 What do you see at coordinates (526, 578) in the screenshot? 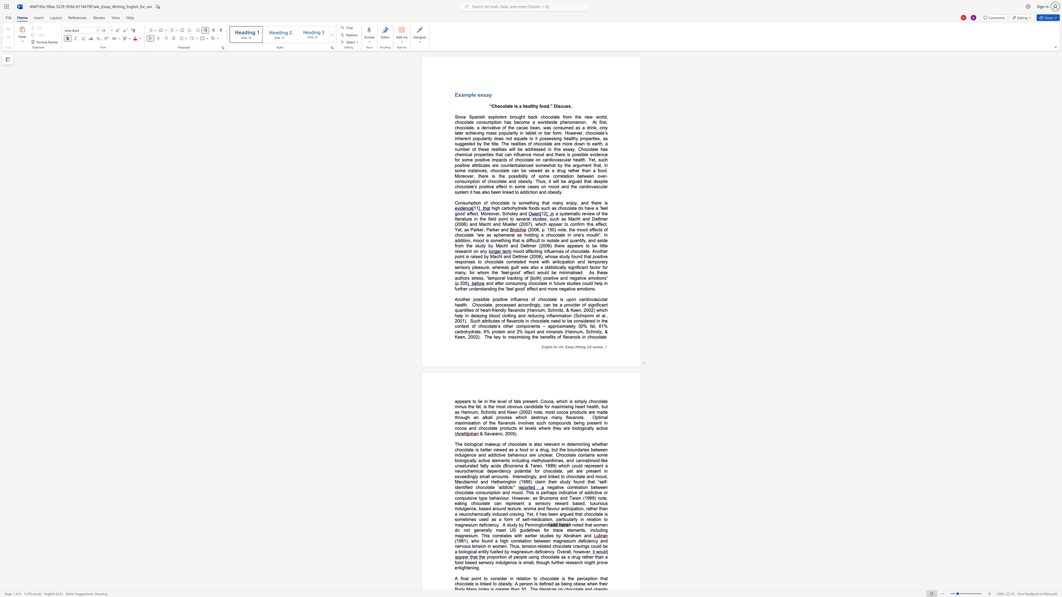
I see `the subset text "on to chocolate is t" within the text "to consider in relation to chocolate is the"` at bounding box center [526, 578].